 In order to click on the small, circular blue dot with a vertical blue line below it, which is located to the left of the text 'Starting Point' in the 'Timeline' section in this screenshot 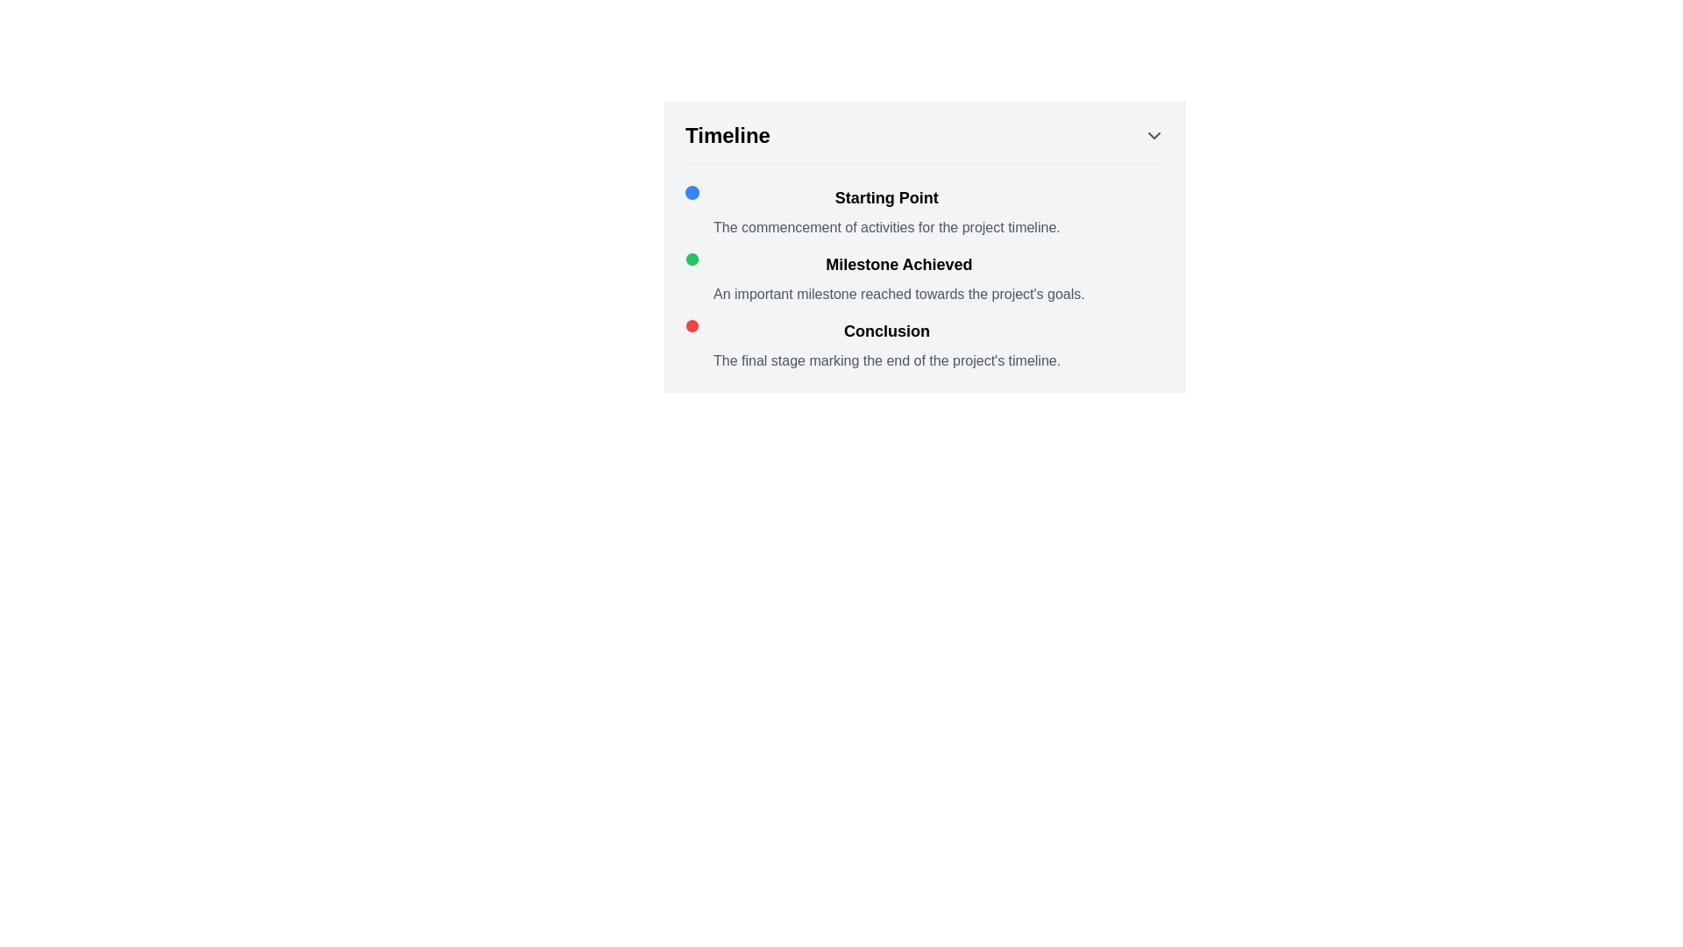, I will do `click(692, 192)`.